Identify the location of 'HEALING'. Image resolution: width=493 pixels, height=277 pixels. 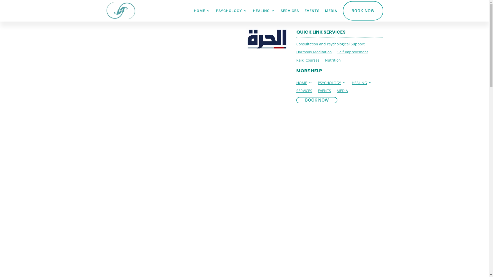
(264, 11).